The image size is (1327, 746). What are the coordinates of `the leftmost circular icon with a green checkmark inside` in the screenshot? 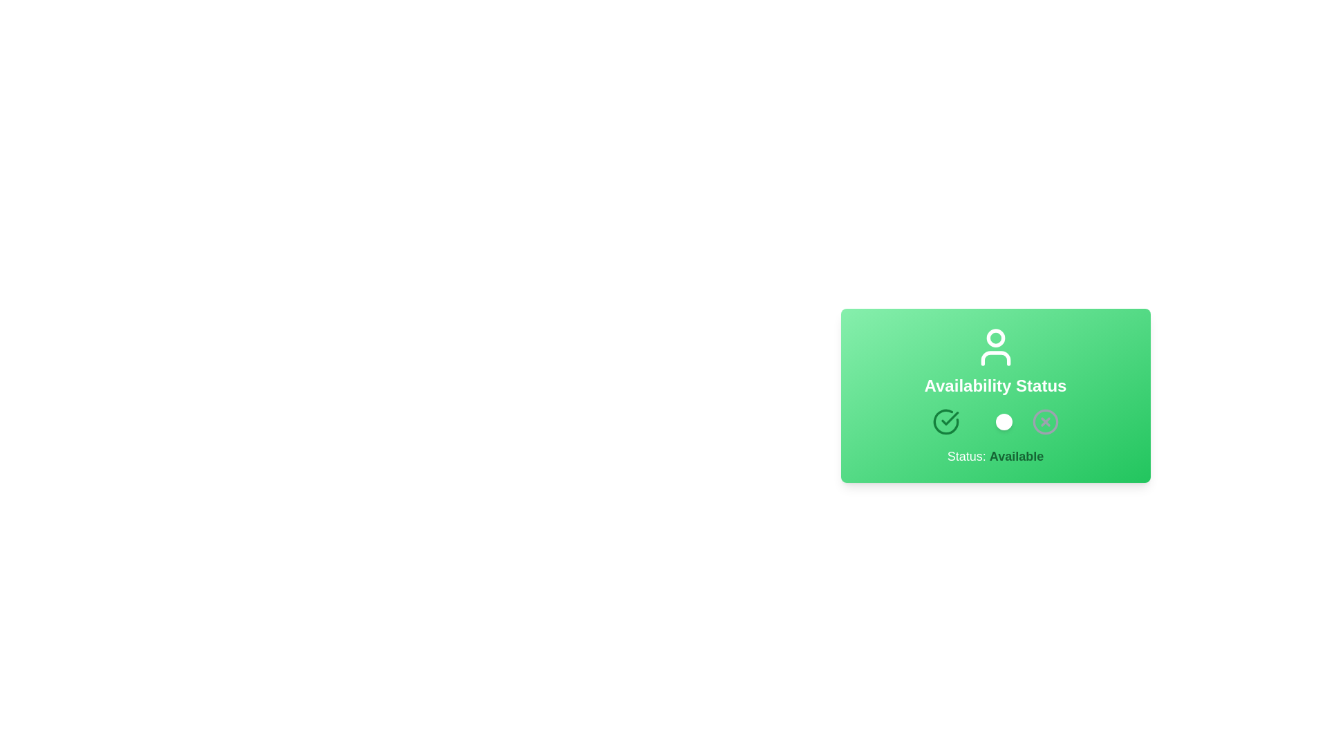 It's located at (945, 421).